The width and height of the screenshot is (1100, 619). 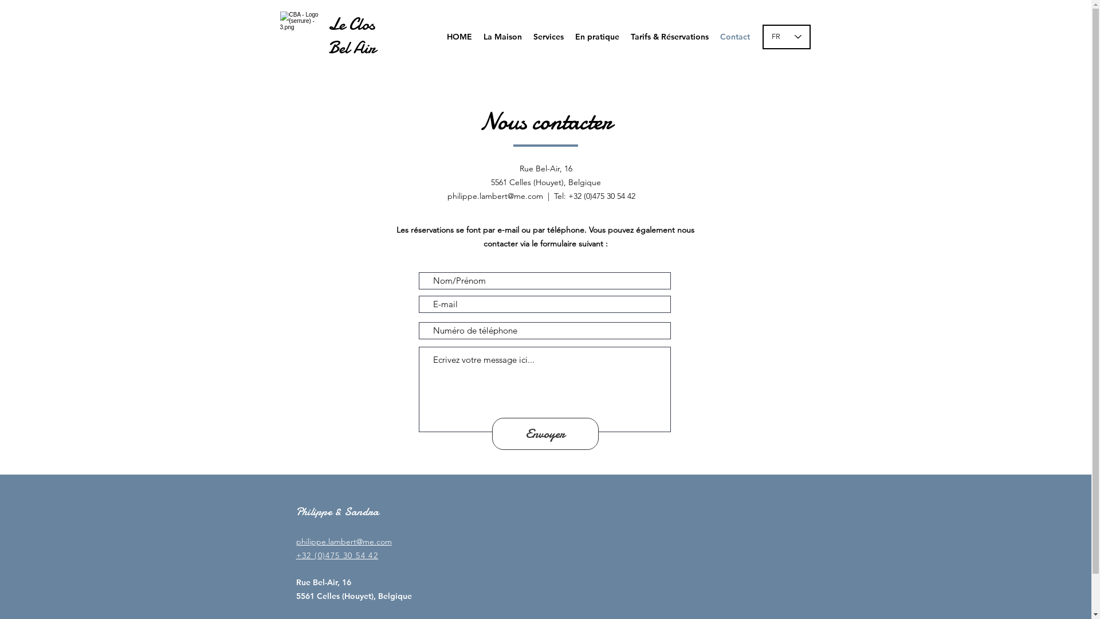 I want to click on 'philippe.lambert@me.com', so click(x=494, y=195).